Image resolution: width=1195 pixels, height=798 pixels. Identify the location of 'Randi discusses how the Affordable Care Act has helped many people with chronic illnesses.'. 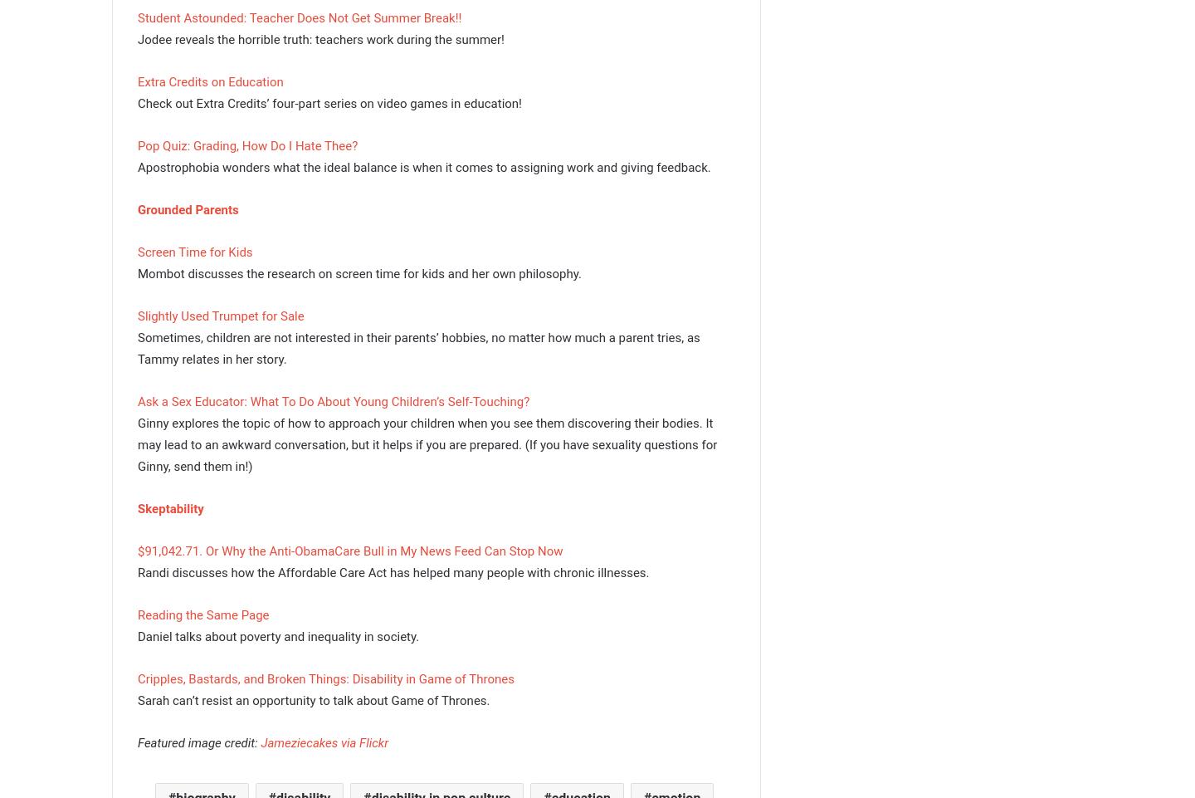
(393, 571).